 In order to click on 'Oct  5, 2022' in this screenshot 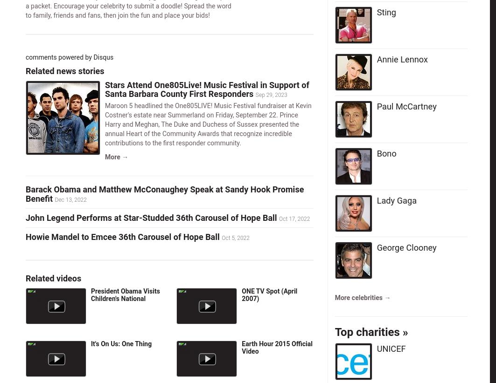, I will do `click(235, 237)`.